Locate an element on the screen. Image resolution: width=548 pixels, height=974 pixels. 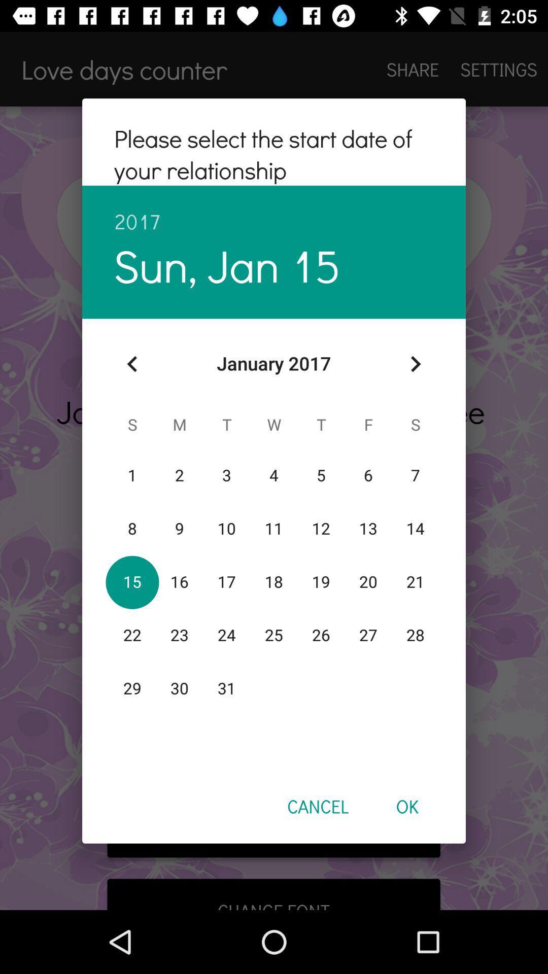
icon to the right of cancel icon is located at coordinates (406, 806).